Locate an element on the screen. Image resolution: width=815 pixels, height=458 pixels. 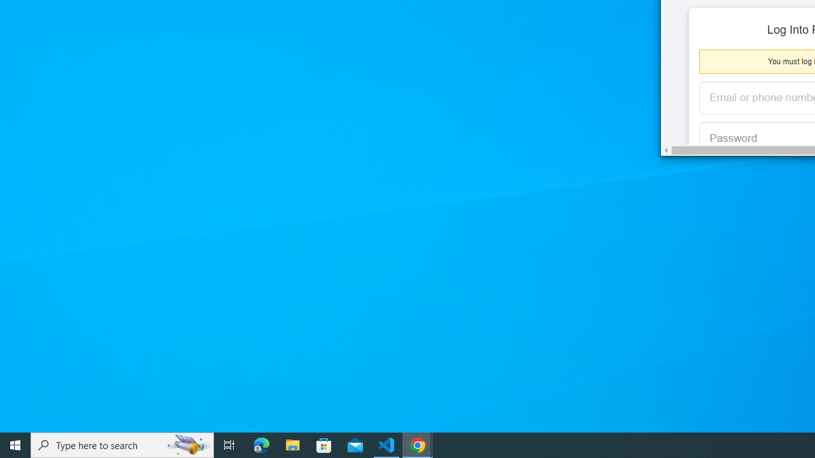
'Google Chrome - 3 running windows' is located at coordinates (418, 444).